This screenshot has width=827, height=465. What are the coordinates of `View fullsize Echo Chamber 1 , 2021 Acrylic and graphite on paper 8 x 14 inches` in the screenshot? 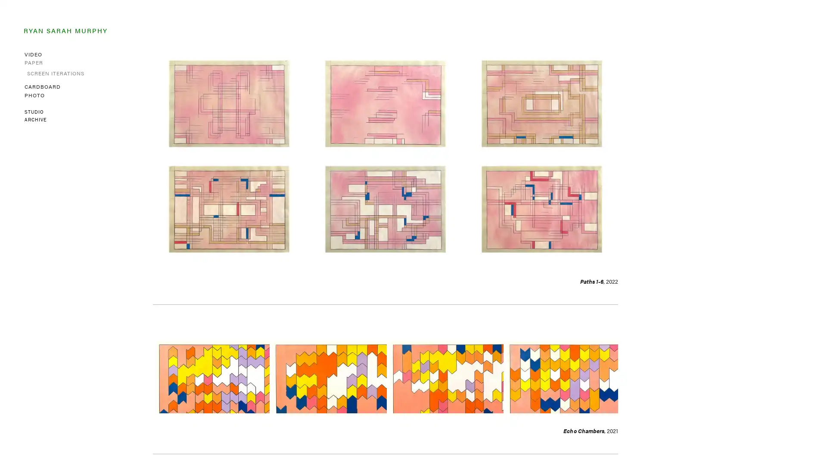 It's located at (210, 367).